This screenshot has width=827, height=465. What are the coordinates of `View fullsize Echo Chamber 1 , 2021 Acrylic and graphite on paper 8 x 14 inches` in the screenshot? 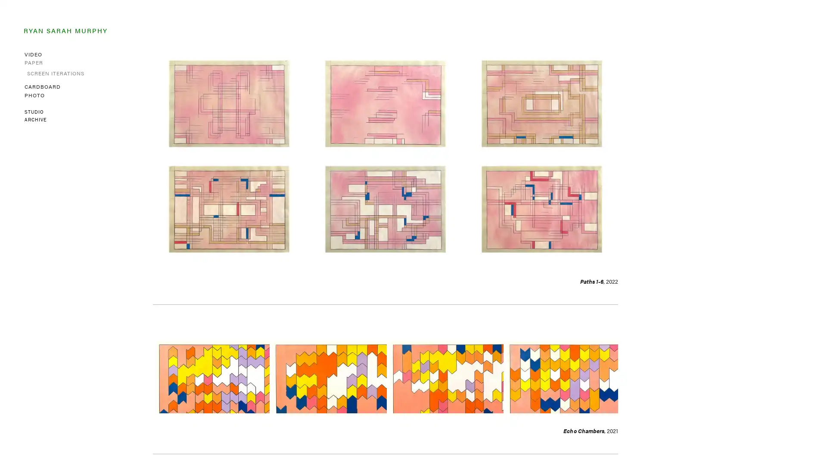 It's located at (210, 367).